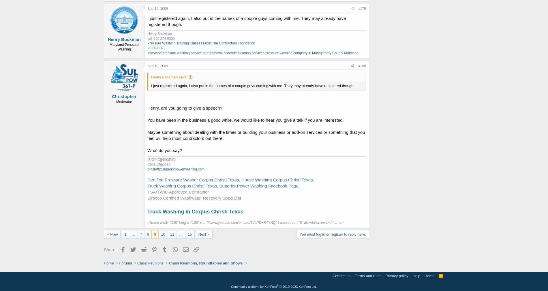  I want to click on 'Certified Pressure Washer Corpus Christi Texas', so click(147, 179).